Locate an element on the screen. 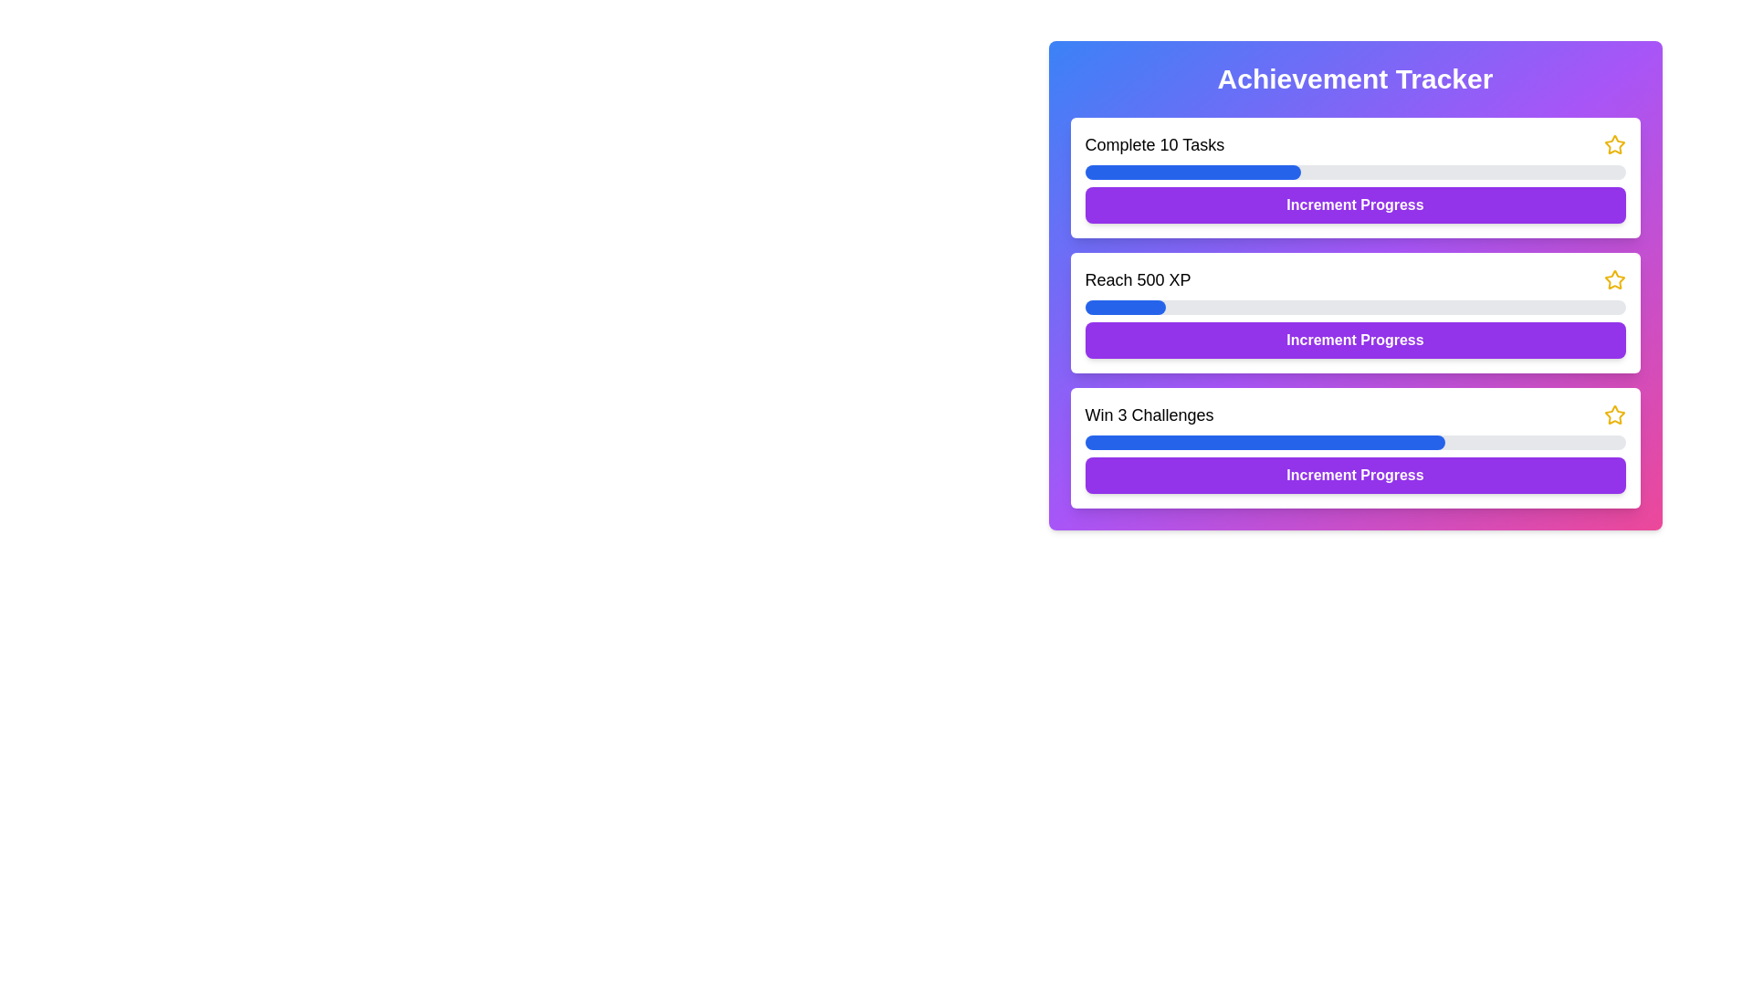  the progress bar located in the first card under the 'Achievement Tracker' header, positioned below the 'Complete 10 Tasks' header and above the 'Increment Progress' button is located at coordinates (1355, 173).